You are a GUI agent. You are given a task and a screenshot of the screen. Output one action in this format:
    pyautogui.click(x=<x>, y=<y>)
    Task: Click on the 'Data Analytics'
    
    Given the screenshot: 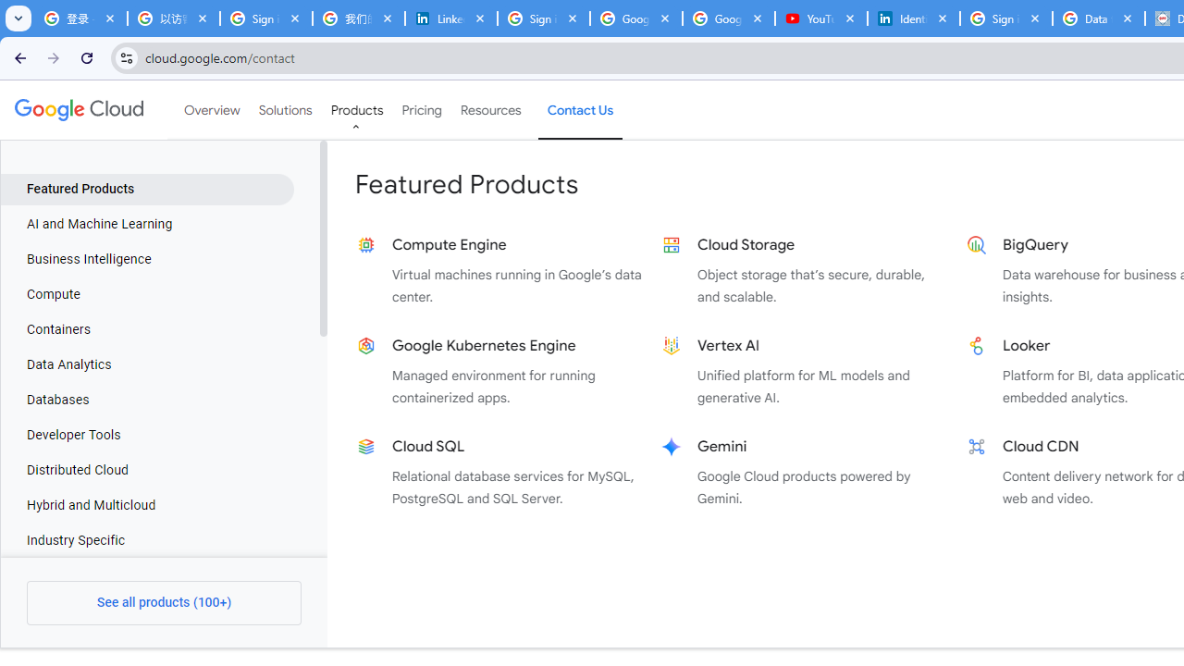 What is the action you would take?
    pyautogui.click(x=146, y=364)
    